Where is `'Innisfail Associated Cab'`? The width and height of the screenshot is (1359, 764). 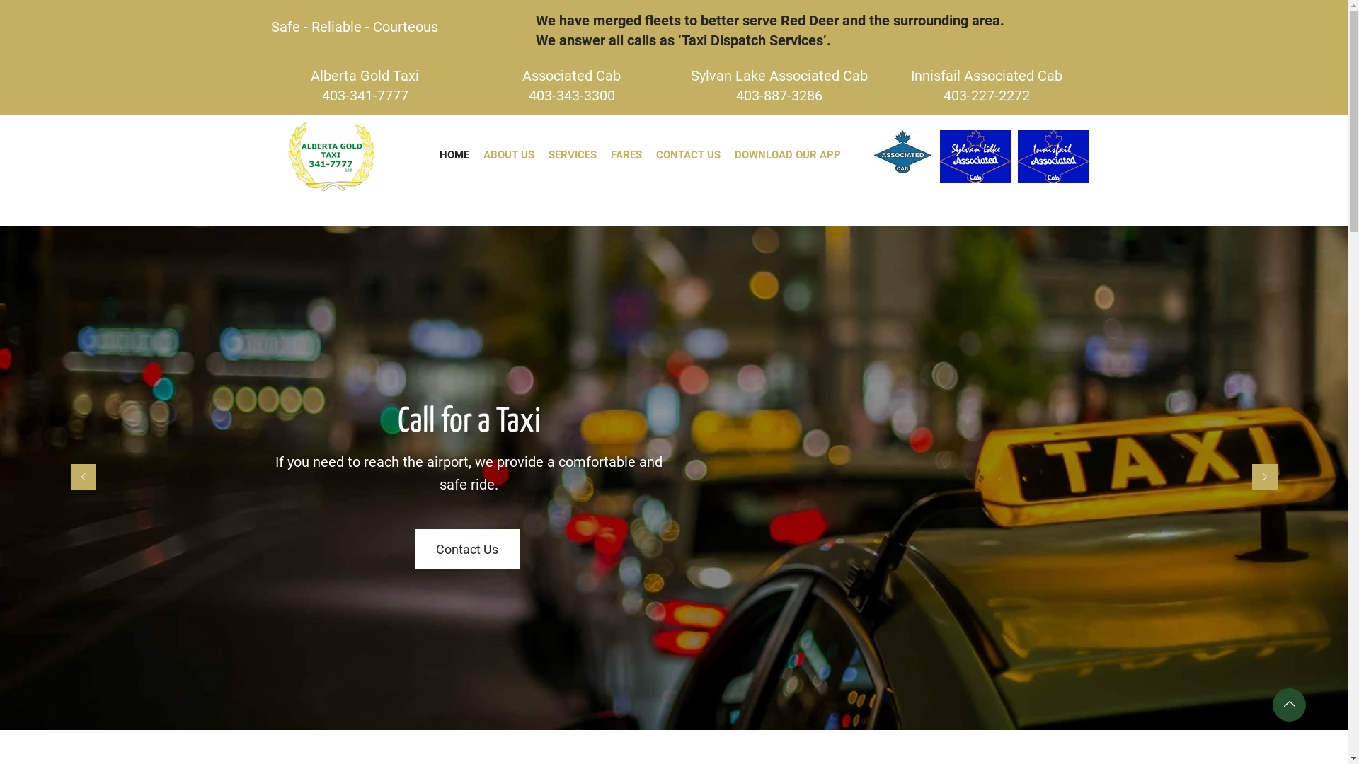
'Innisfail Associated Cab' is located at coordinates (910, 76).